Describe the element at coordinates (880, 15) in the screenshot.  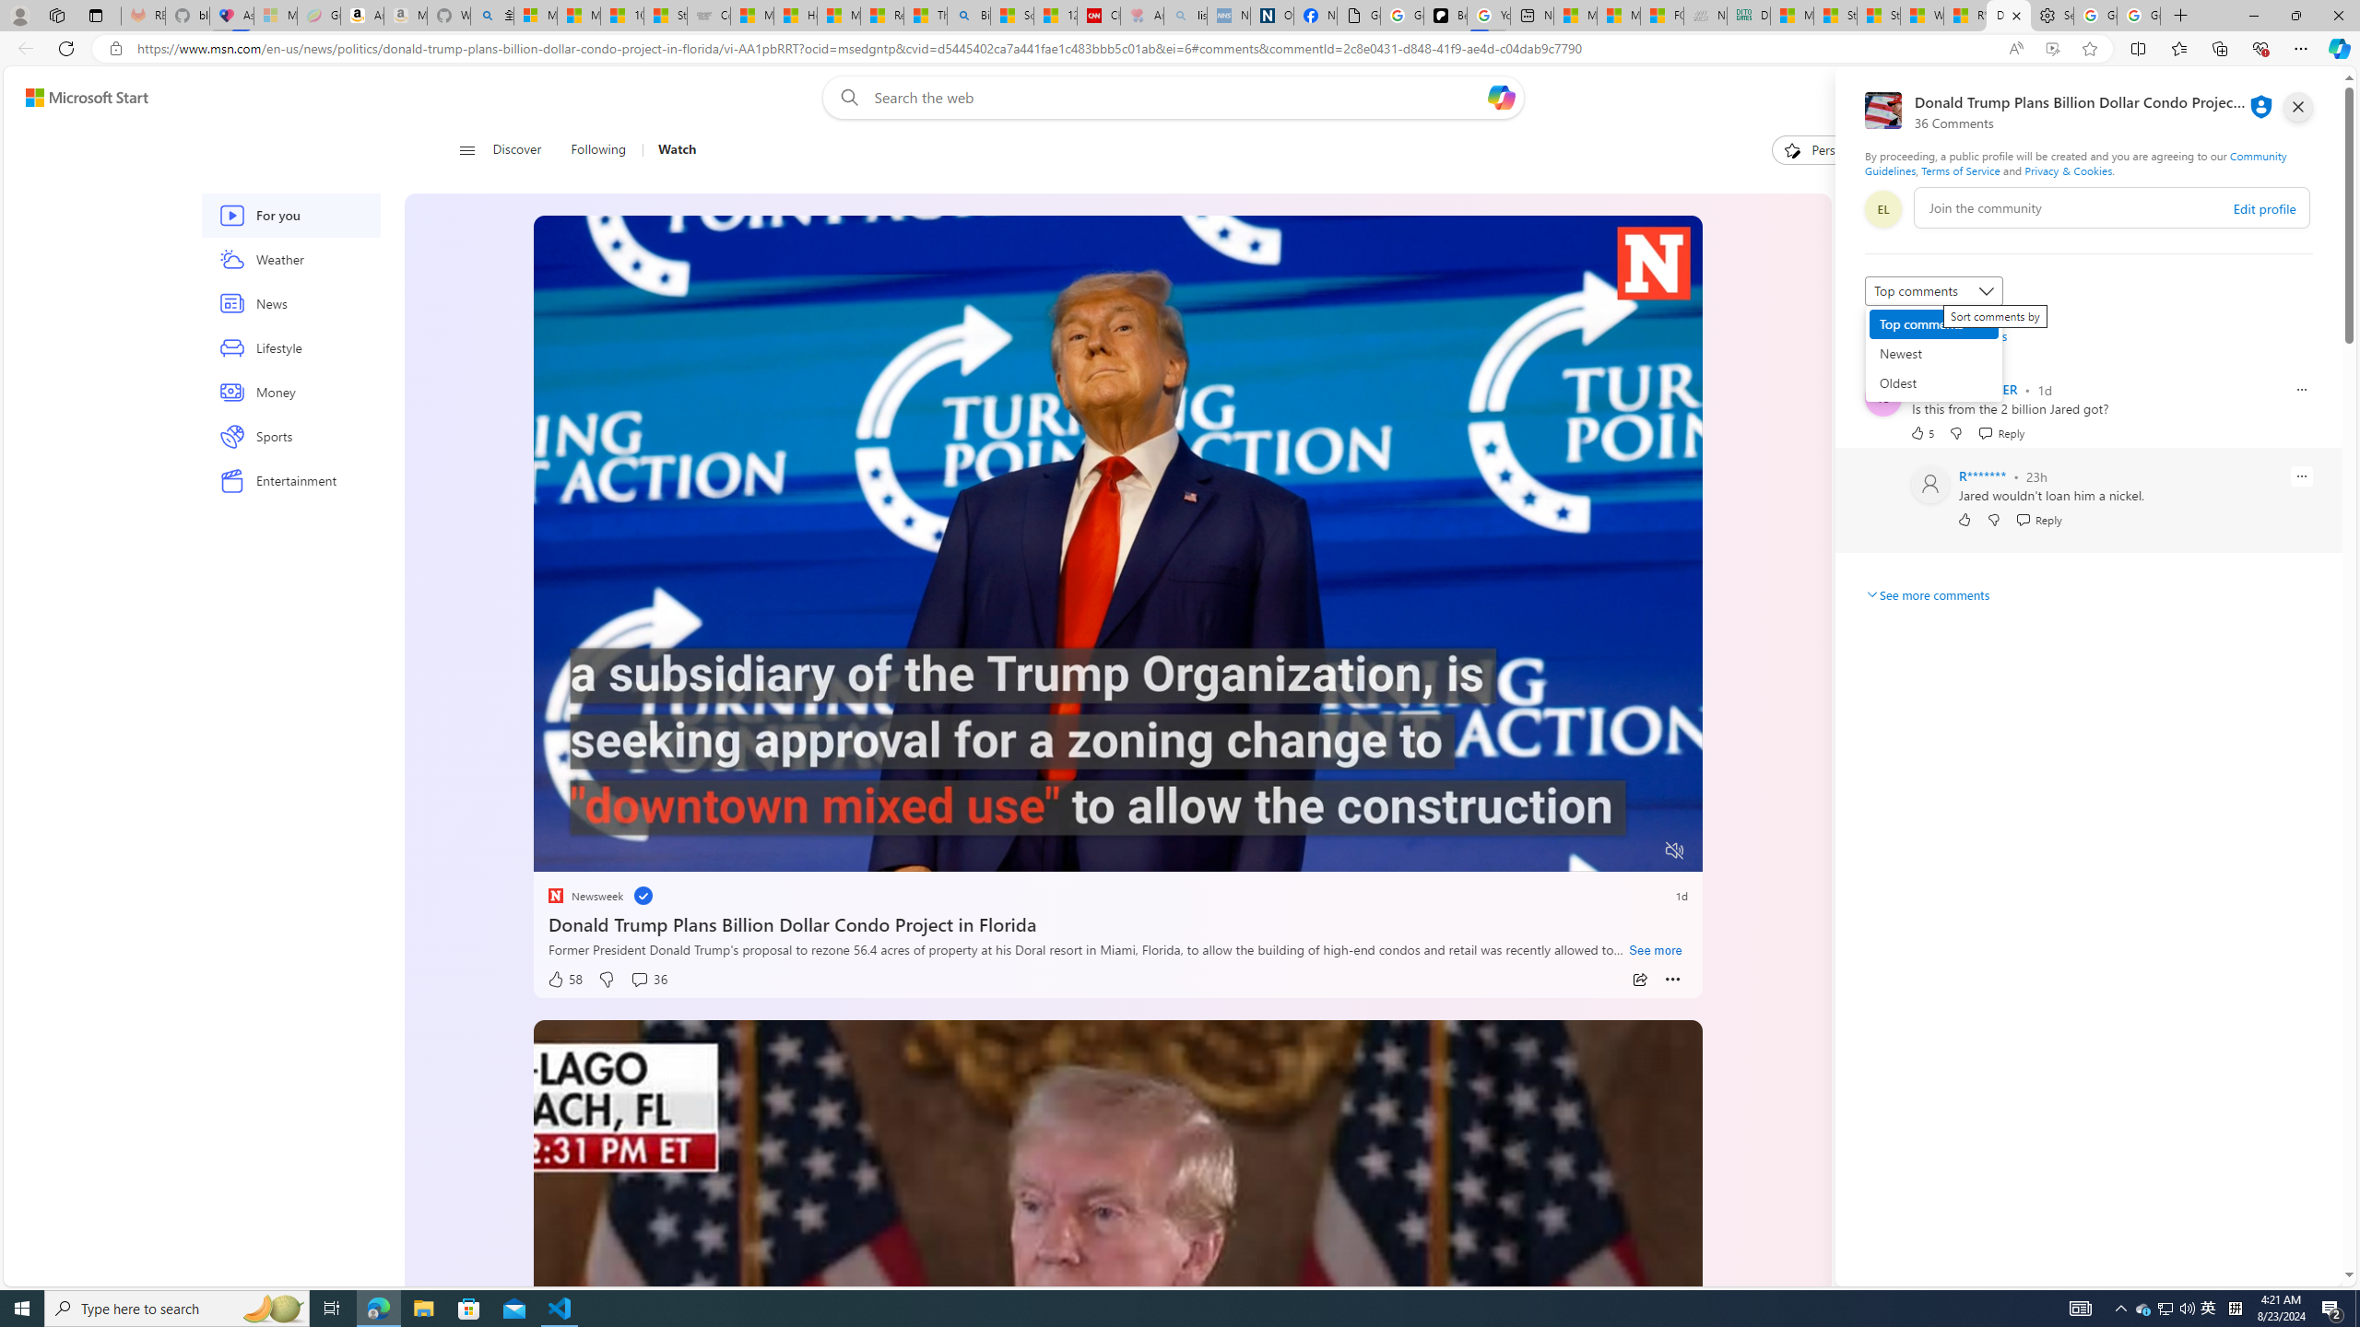
I see `'Recipes - MSN'` at that location.